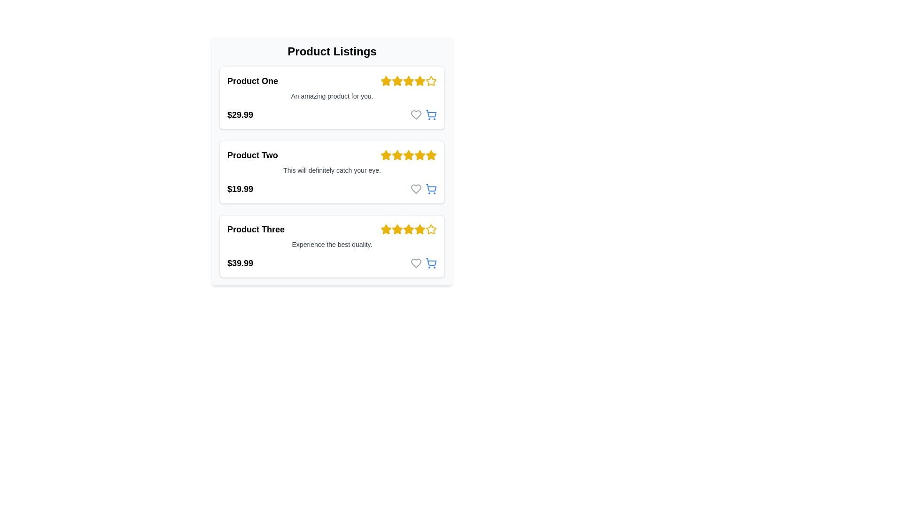 The width and height of the screenshot is (902, 507). What do you see at coordinates (423, 115) in the screenshot?
I see `the heart icon in the group of icons (heart and shopping cart) located in the topmost product card` at bounding box center [423, 115].